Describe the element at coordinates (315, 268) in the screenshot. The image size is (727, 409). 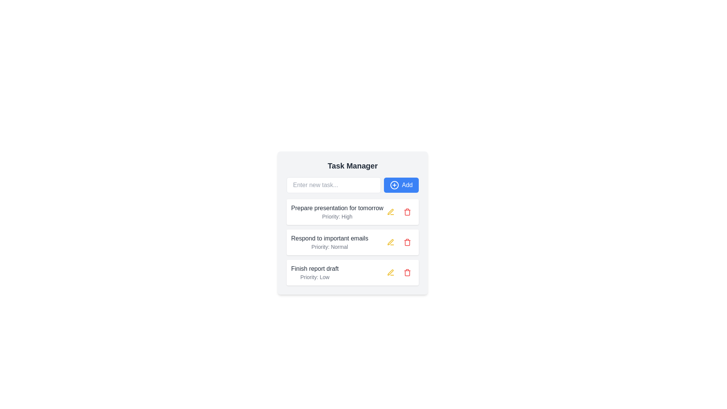
I see `the task title label displaying 'Finish report draft'` at that location.